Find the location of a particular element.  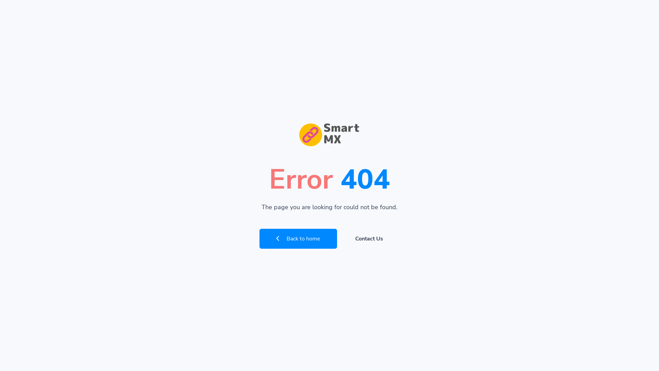

'Contact Us' is located at coordinates (369, 238).